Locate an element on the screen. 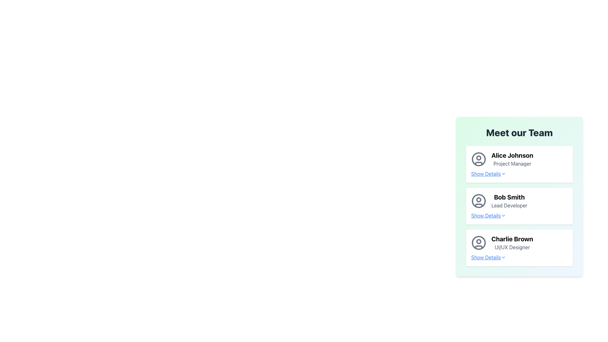  the profile icon representing 'Alice Johnson' located at the top-left section of her card under 'Meet our Team.' is located at coordinates (479, 159).